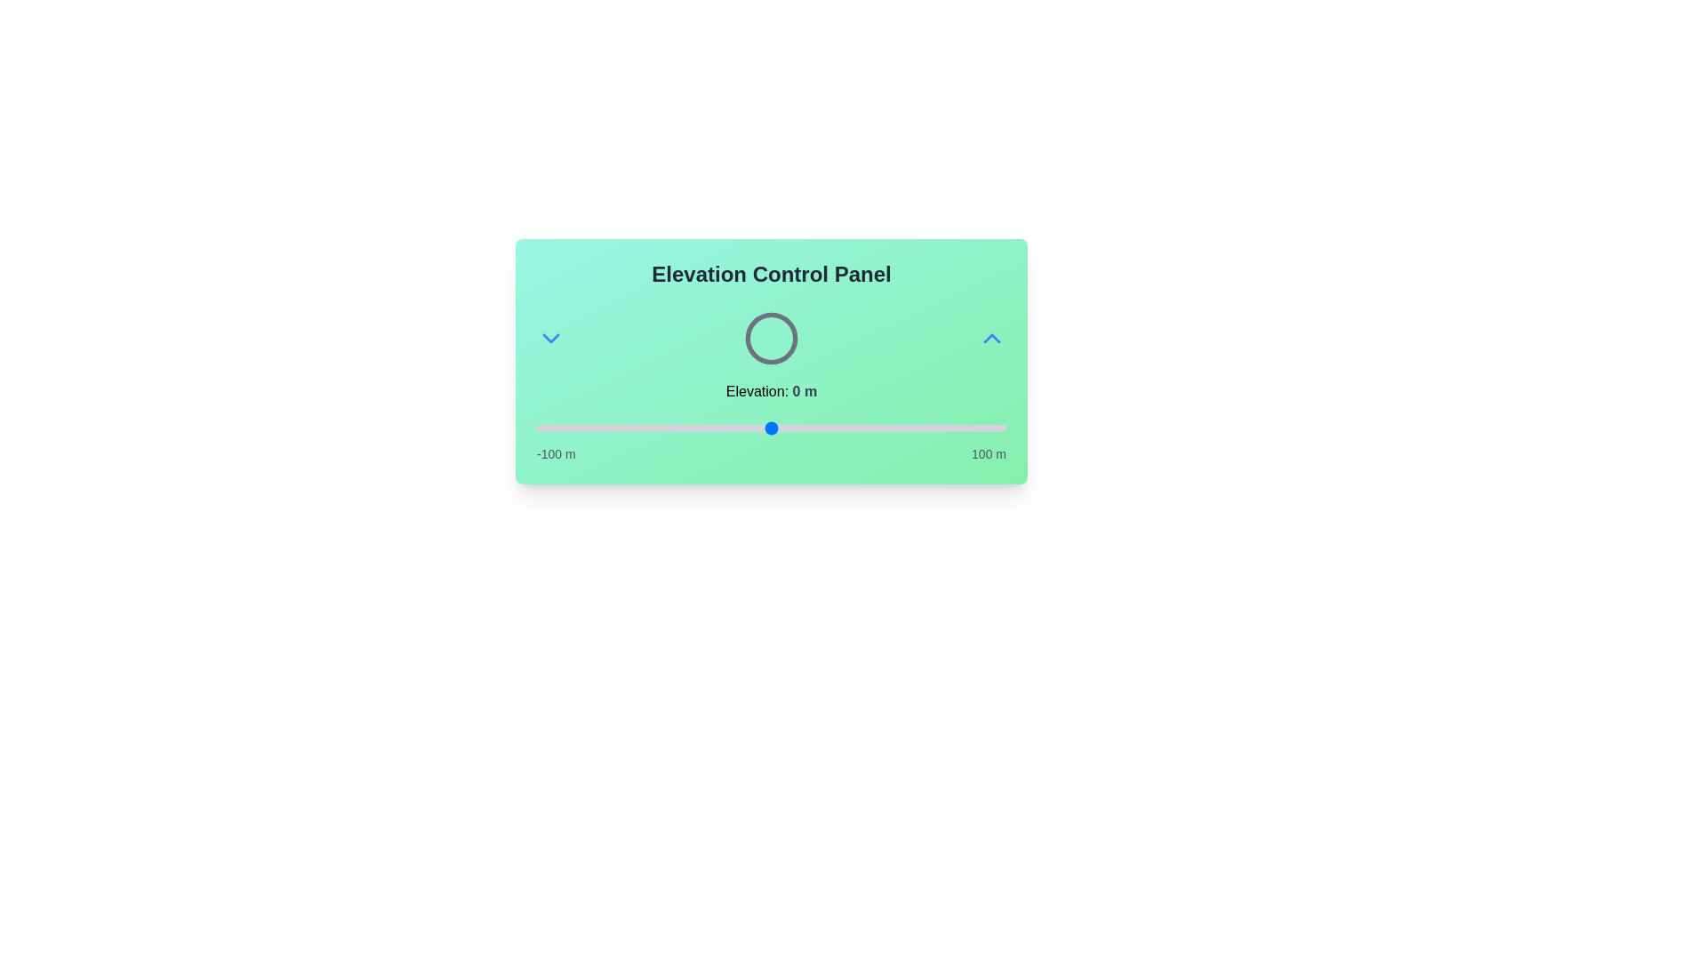  Describe the element at coordinates (853, 428) in the screenshot. I see `the elevation to 35 meters using the slider` at that location.